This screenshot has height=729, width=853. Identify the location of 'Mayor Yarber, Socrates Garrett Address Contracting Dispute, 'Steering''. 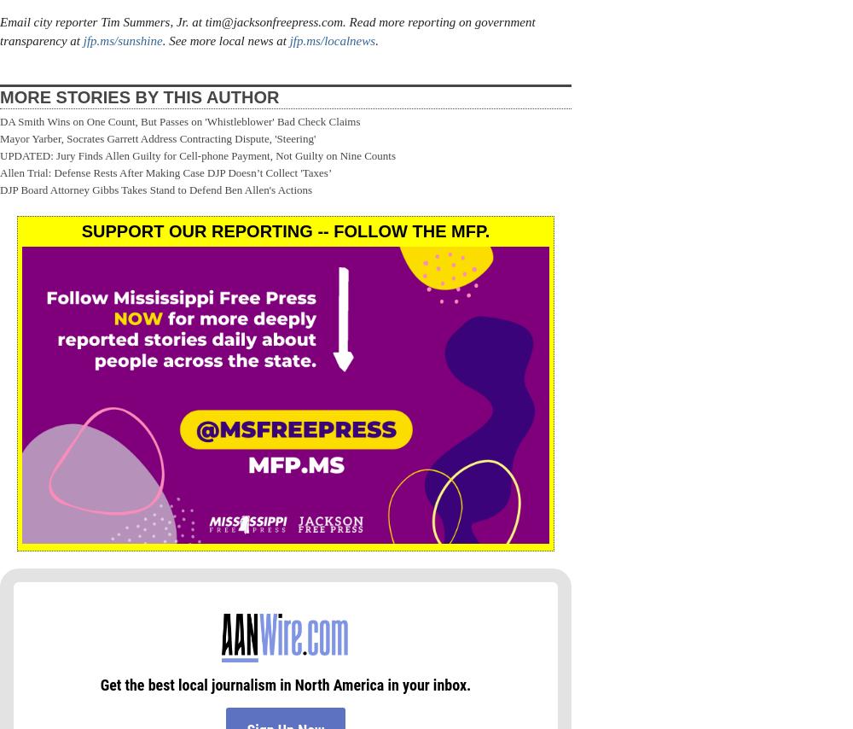
(158, 138).